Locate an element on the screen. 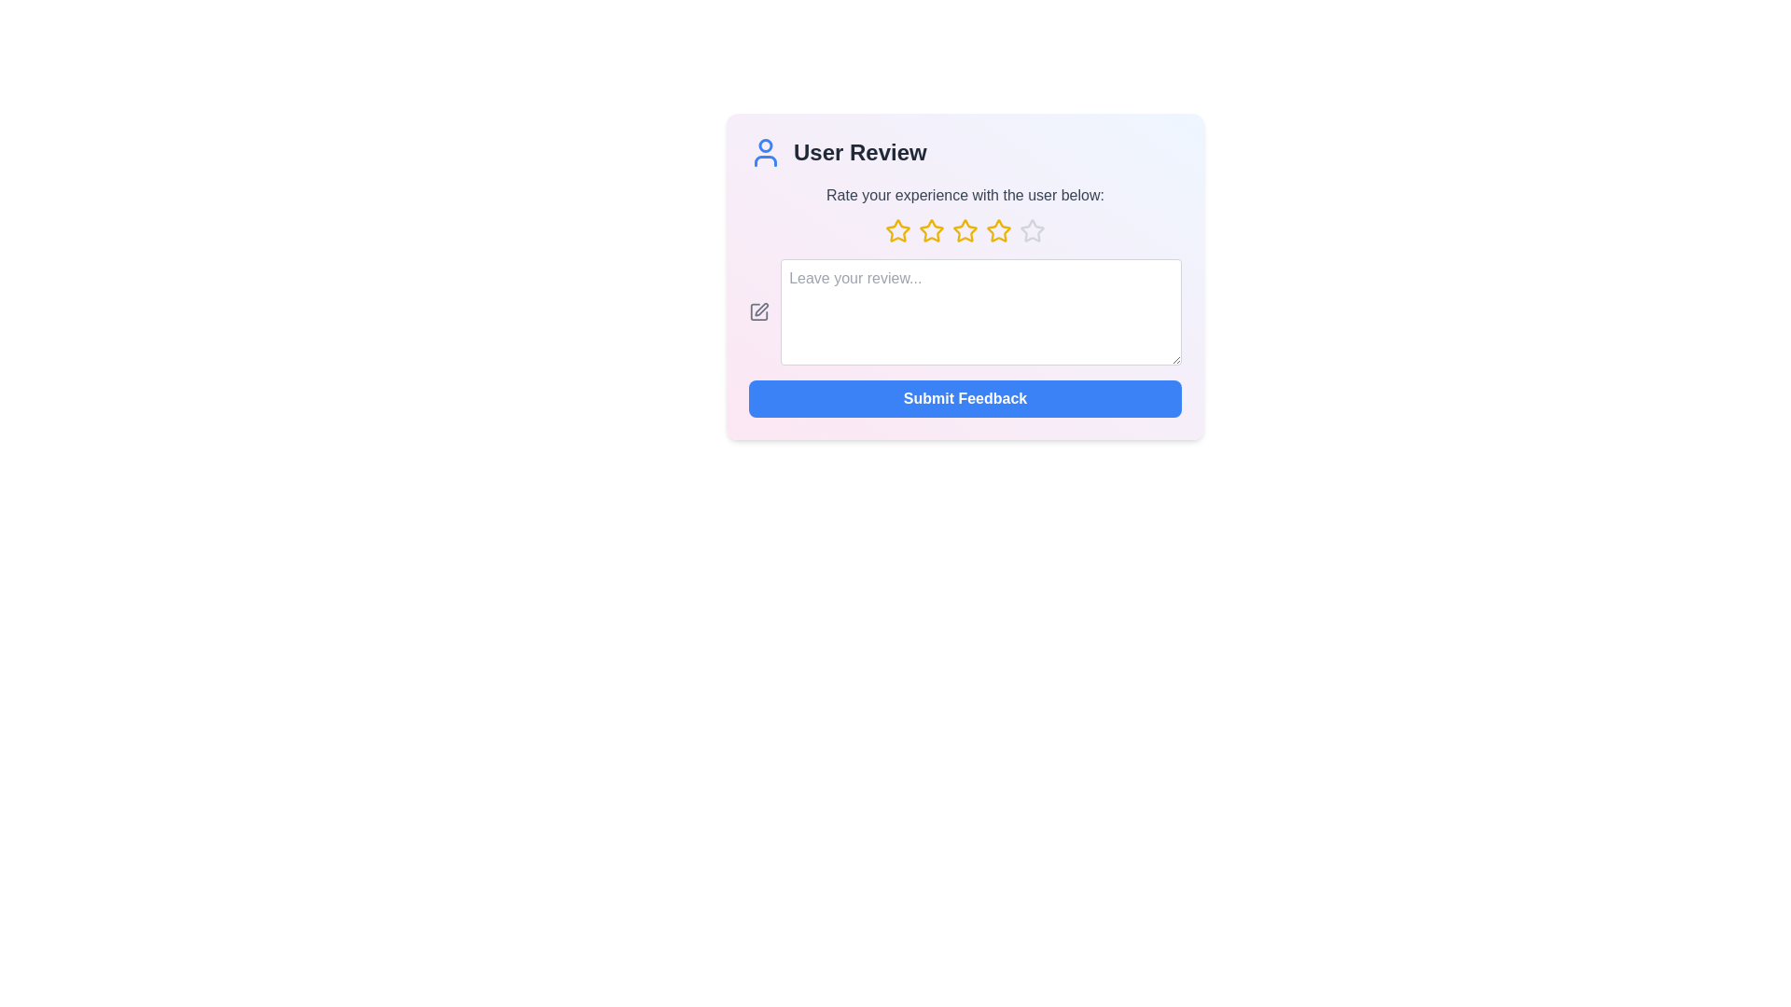 This screenshot has height=1007, width=1791. the edit icon to interact with it is located at coordinates (759, 311).